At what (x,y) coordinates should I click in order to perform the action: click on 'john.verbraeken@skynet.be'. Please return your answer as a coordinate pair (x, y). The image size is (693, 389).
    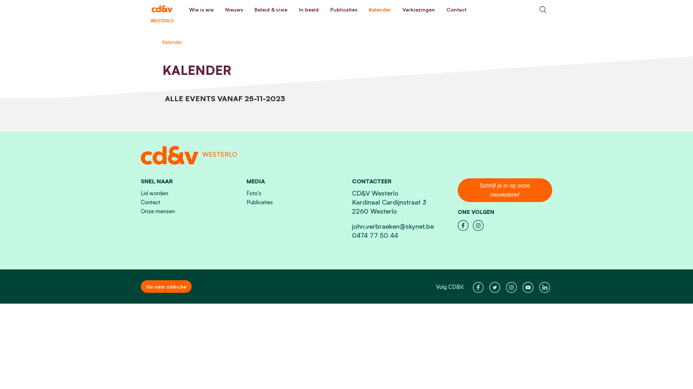
    Looking at the image, I should click on (392, 226).